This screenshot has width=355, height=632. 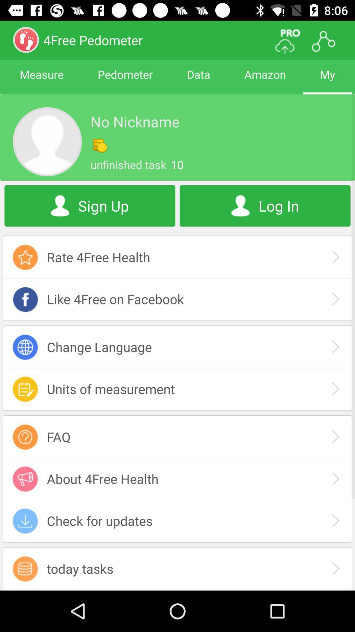 I want to click on today tasks icon, so click(x=177, y=568).